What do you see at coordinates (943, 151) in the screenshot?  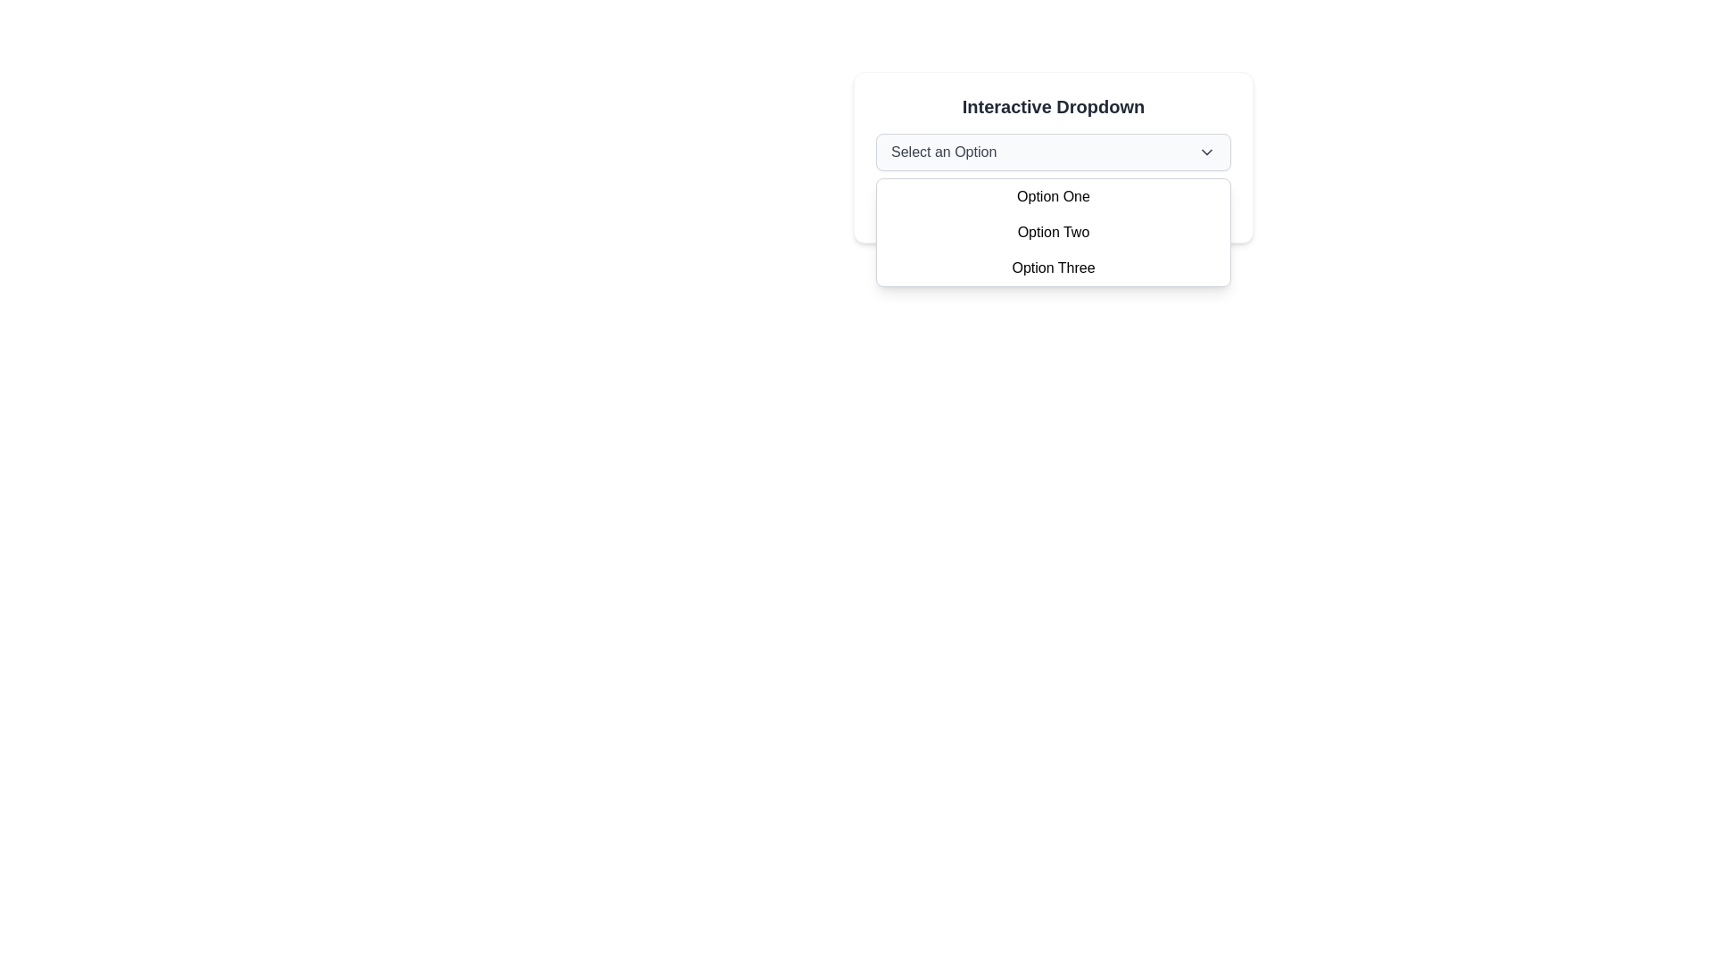 I see `the text label that reads 'Select an Option.' located inside the dropdown control, positioned to the left of the dropdown arrow icon` at bounding box center [943, 151].